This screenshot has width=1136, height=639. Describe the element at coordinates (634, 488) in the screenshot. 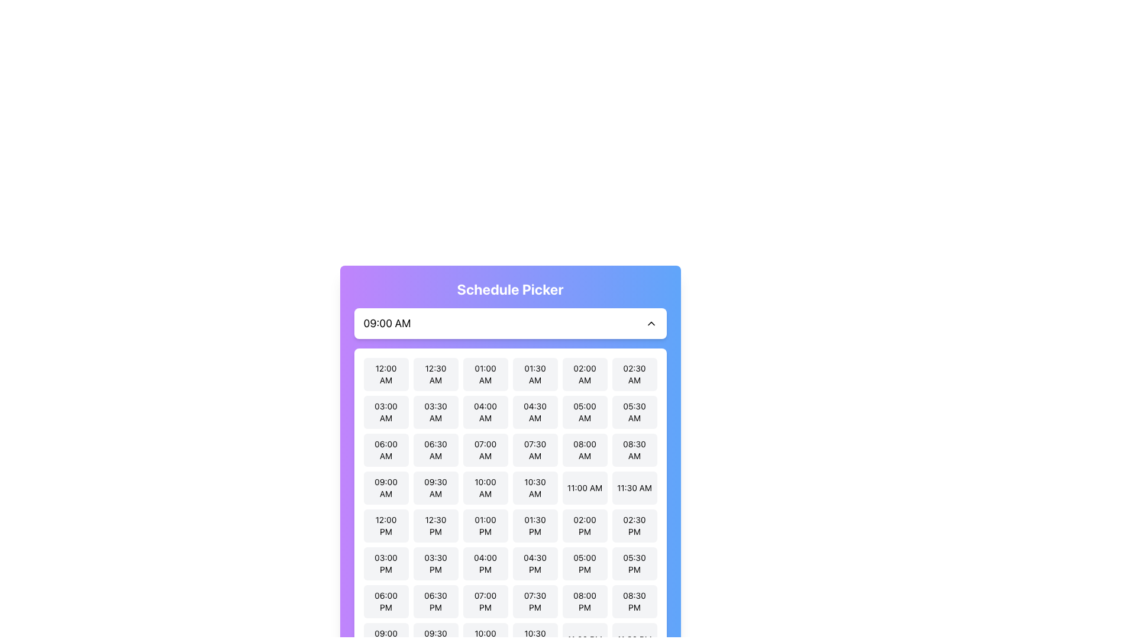

I see `the button labeled '11:30 AM' in the scheduling picker` at that location.